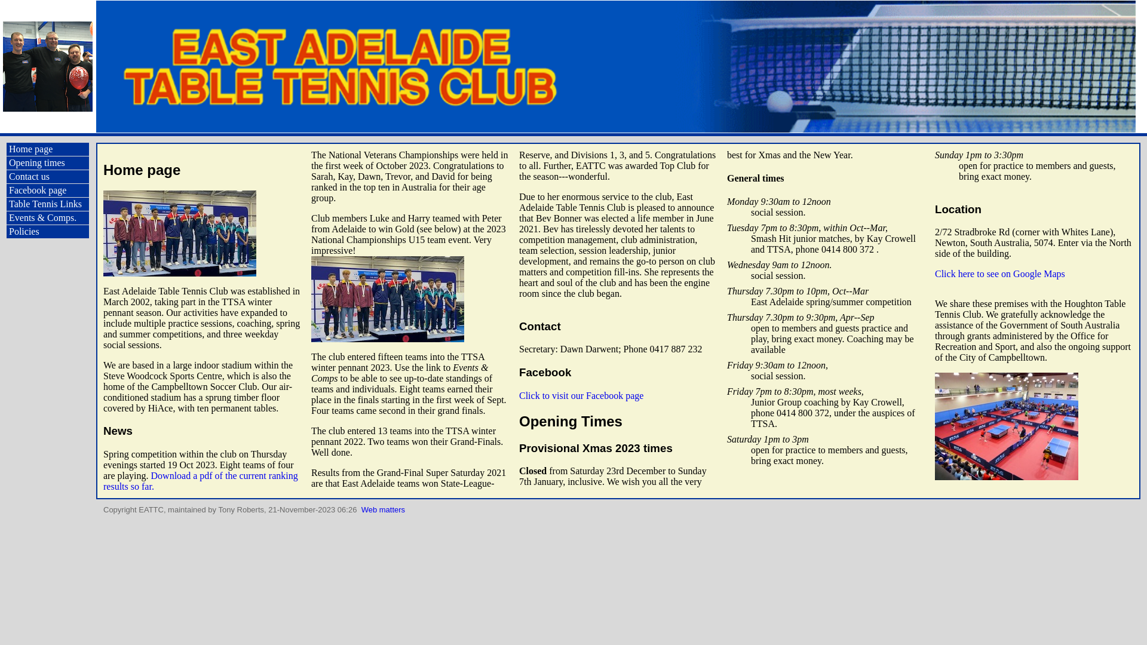  What do you see at coordinates (48, 149) in the screenshot?
I see `'Home page'` at bounding box center [48, 149].